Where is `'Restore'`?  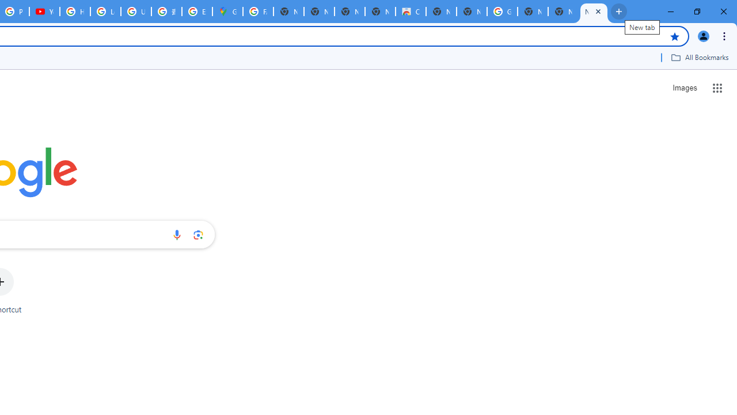 'Restore' is located at coordinates (696, 12).